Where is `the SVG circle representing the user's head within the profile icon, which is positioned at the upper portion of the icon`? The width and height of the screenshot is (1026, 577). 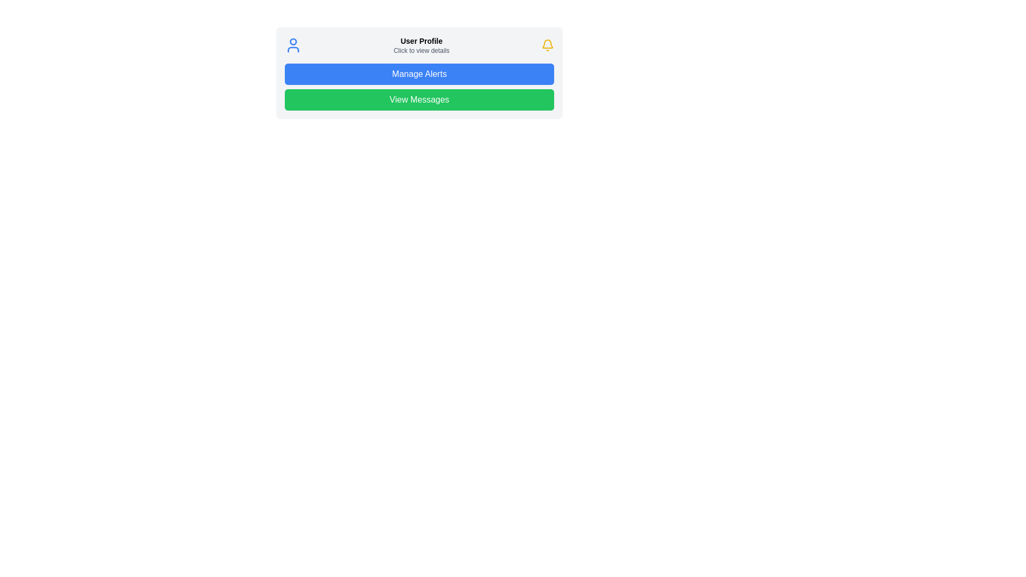
the SVG circle representing the user's head within the profile icon, which is positioned at the upper portion of the icon is located at coordinates (293, 41).